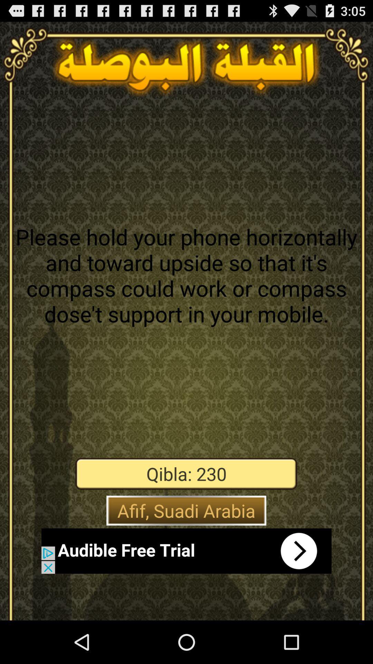 The image size is (373, 664). What do you see at coordinates (186, 551) in the screenshot?
I see `open the app store page` at bounding box center [186, 551].